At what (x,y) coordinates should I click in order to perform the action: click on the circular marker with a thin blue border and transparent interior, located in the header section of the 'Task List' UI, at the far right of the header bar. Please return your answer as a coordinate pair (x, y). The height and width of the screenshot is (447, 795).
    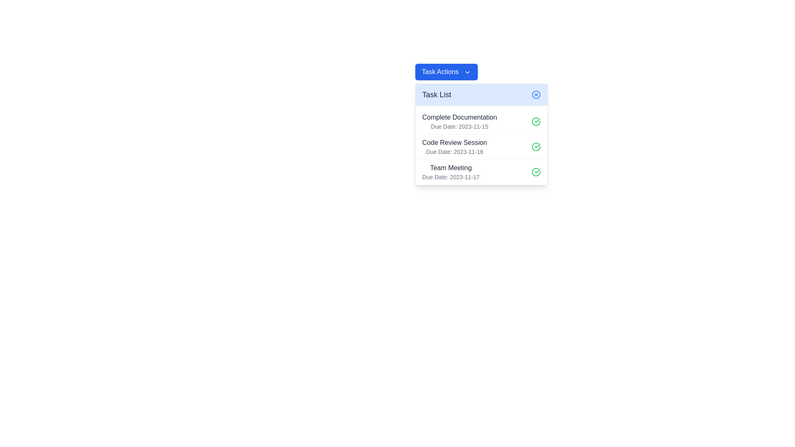
    Looking at the image, I should click on (536, 94).